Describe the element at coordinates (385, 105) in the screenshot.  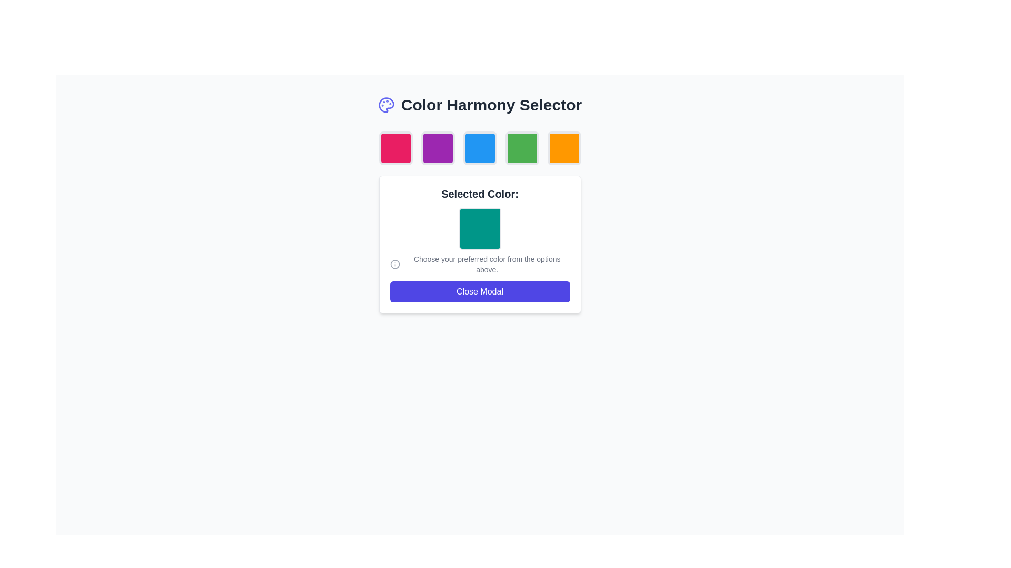
I see `the main body of the palette icon, which is part of the 'Color Harmony Selector' section, located in the top-left corner of the application` at that location.